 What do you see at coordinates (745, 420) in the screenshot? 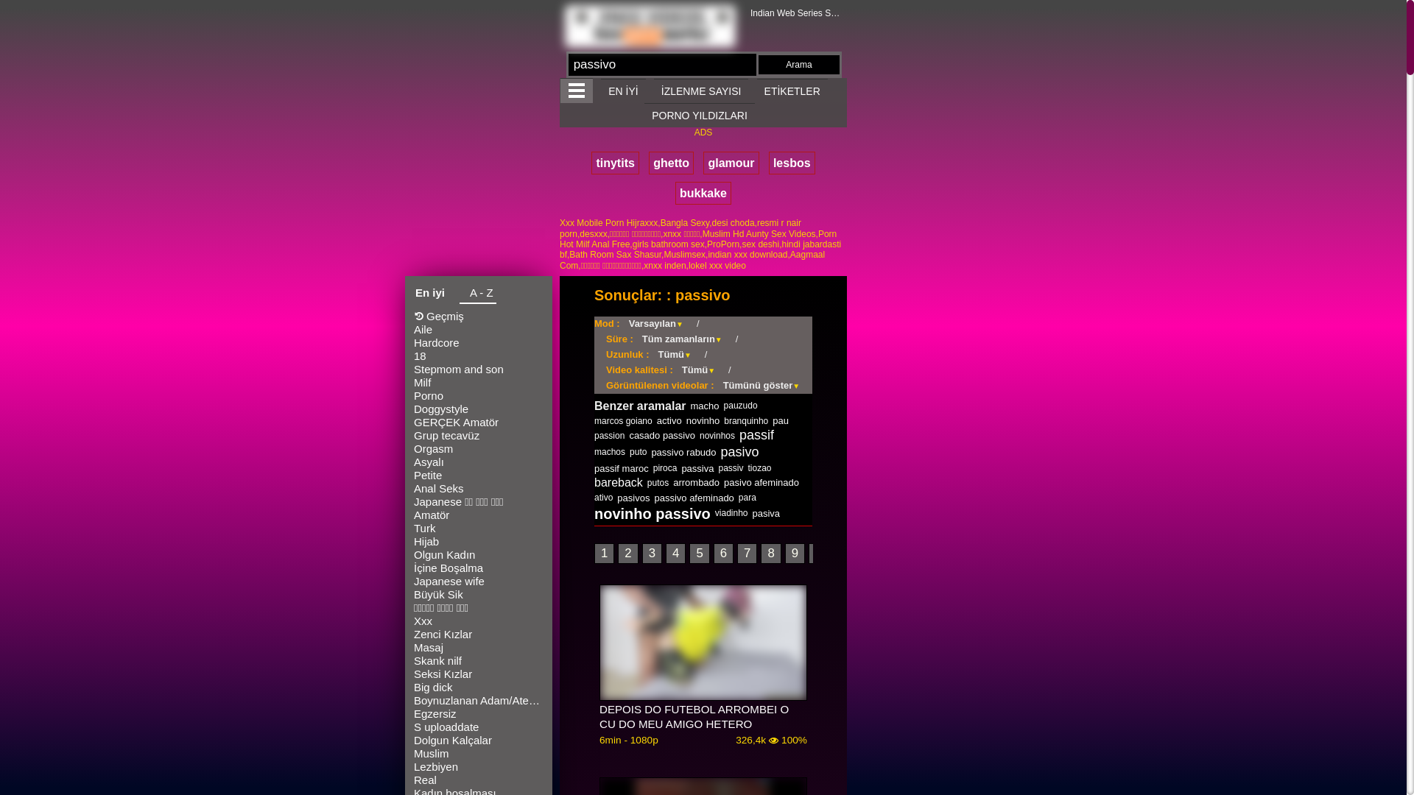
I see `'branquinho'` at bounding box center [745, 420].